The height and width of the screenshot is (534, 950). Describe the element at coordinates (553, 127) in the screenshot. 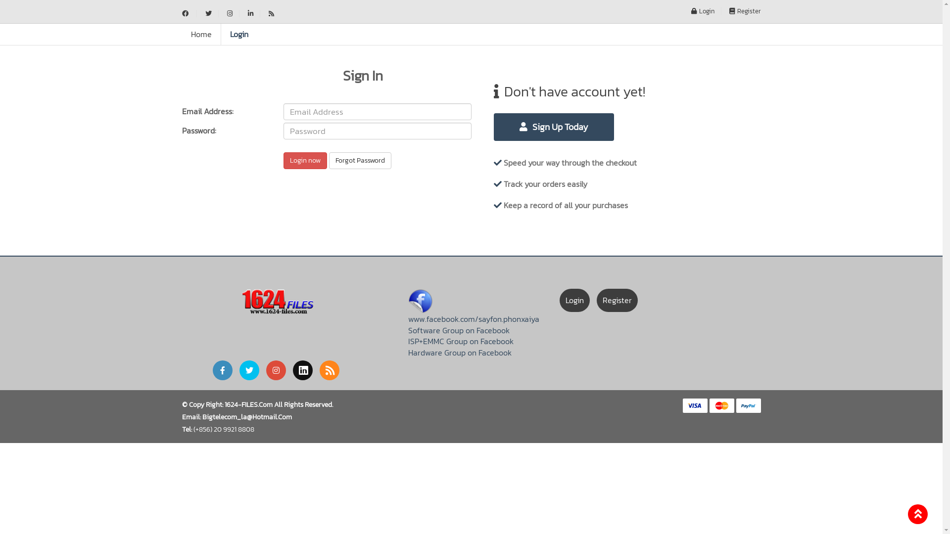

I see `'Sign Up Today'` at that location.